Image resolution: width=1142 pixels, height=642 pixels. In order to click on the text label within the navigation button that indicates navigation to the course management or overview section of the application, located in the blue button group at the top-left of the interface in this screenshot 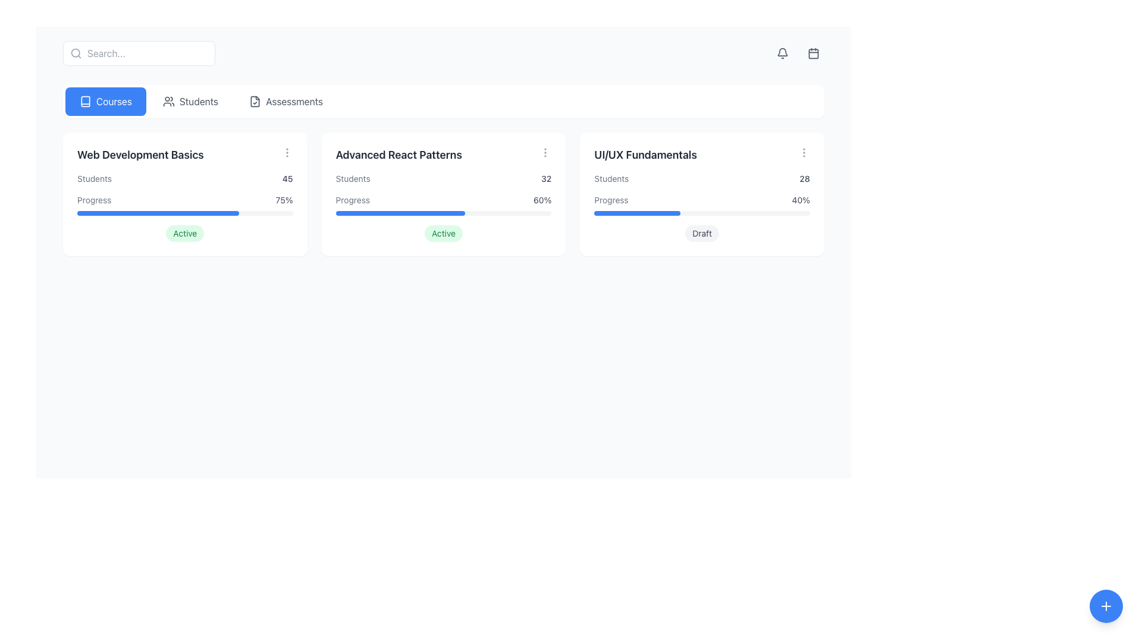, I will do `click(114, 100)`.